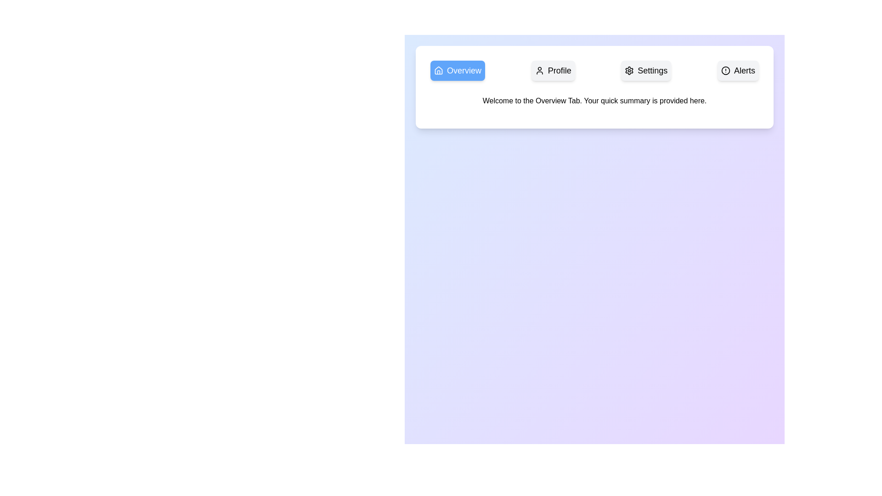 The height and width of the screenshot is (496, 882). What do you see at coordinates (629, 70) in the screenshot?
I see `the gear-shaped icon located on the left side of the 'Settings' button in the top navigation panel` at bounding box center [629, 70].